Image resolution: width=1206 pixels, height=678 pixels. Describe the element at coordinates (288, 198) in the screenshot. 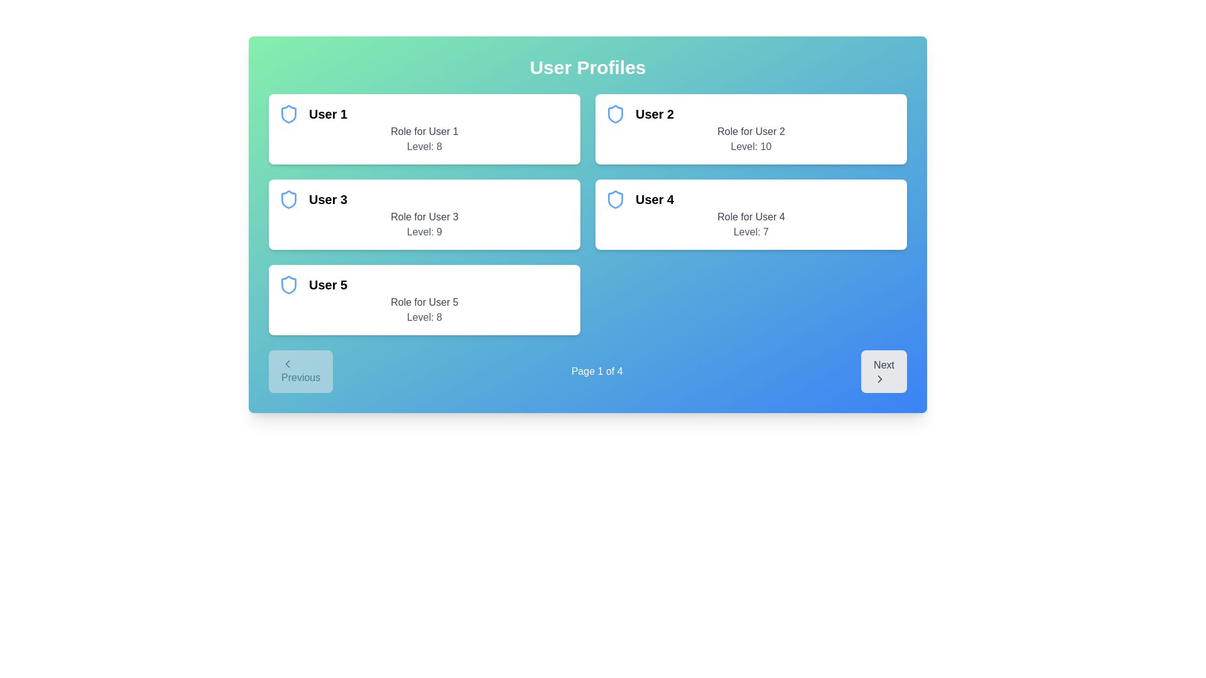

I see `the shield icon graphic located at the top-left corner of the user profile area for 'User 3', adjacent to the username text` at that location.